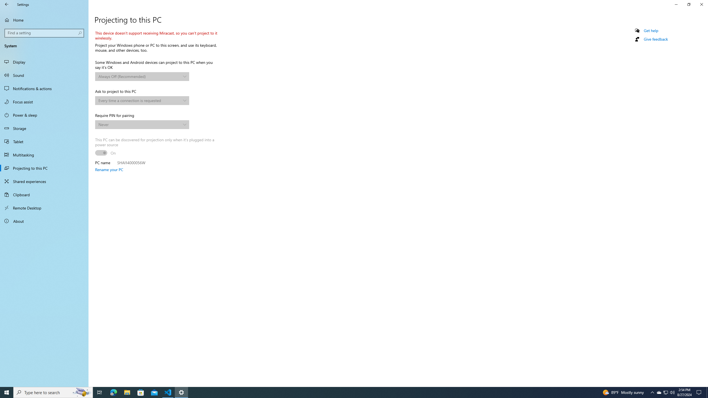  Describe the element at coordinates (139, 124) in the screenshot. I see `'Never'` at that location.